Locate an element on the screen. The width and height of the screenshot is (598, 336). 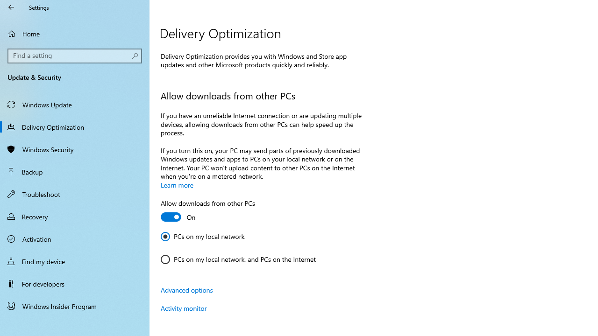
'Windows Insider Program' is located at coordinates (75, 306).